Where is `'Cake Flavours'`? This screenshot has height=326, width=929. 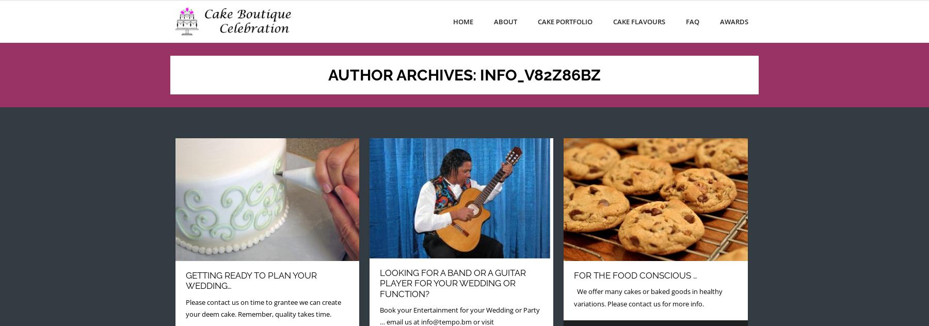
'Cake Flavours' is located at coordinates (639, 21).